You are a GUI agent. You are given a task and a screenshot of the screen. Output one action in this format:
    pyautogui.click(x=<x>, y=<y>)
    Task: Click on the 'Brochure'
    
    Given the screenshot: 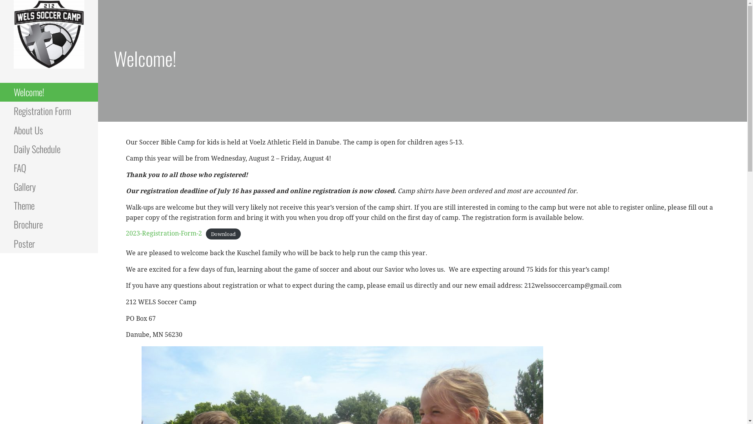 What is the action you would take?
    pyautogui.click(x=48, y=224)
    